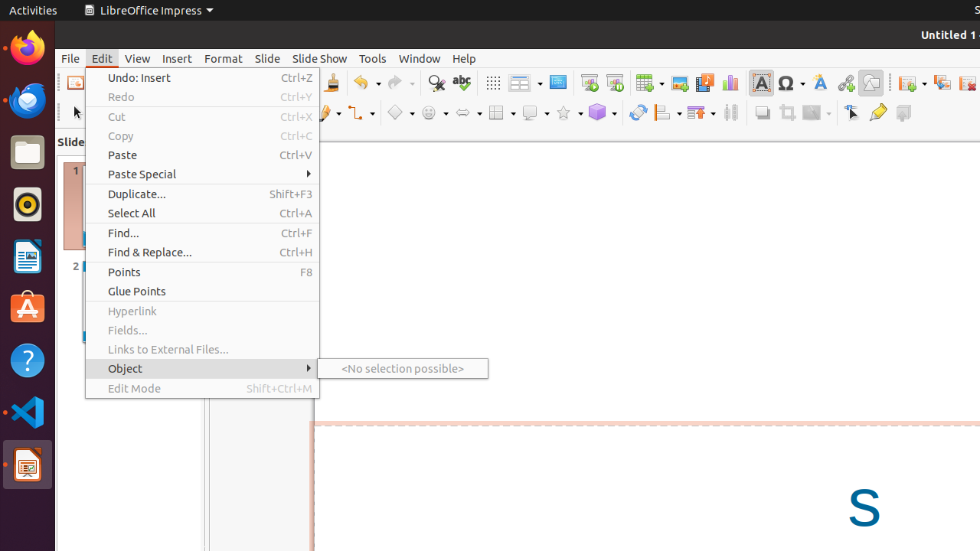 The width and height of the screenshot is (980, 551). What do you see at coordinates (267, 57) in the screenshot?
I see `'Slide'` at bounding box center [267, 57].